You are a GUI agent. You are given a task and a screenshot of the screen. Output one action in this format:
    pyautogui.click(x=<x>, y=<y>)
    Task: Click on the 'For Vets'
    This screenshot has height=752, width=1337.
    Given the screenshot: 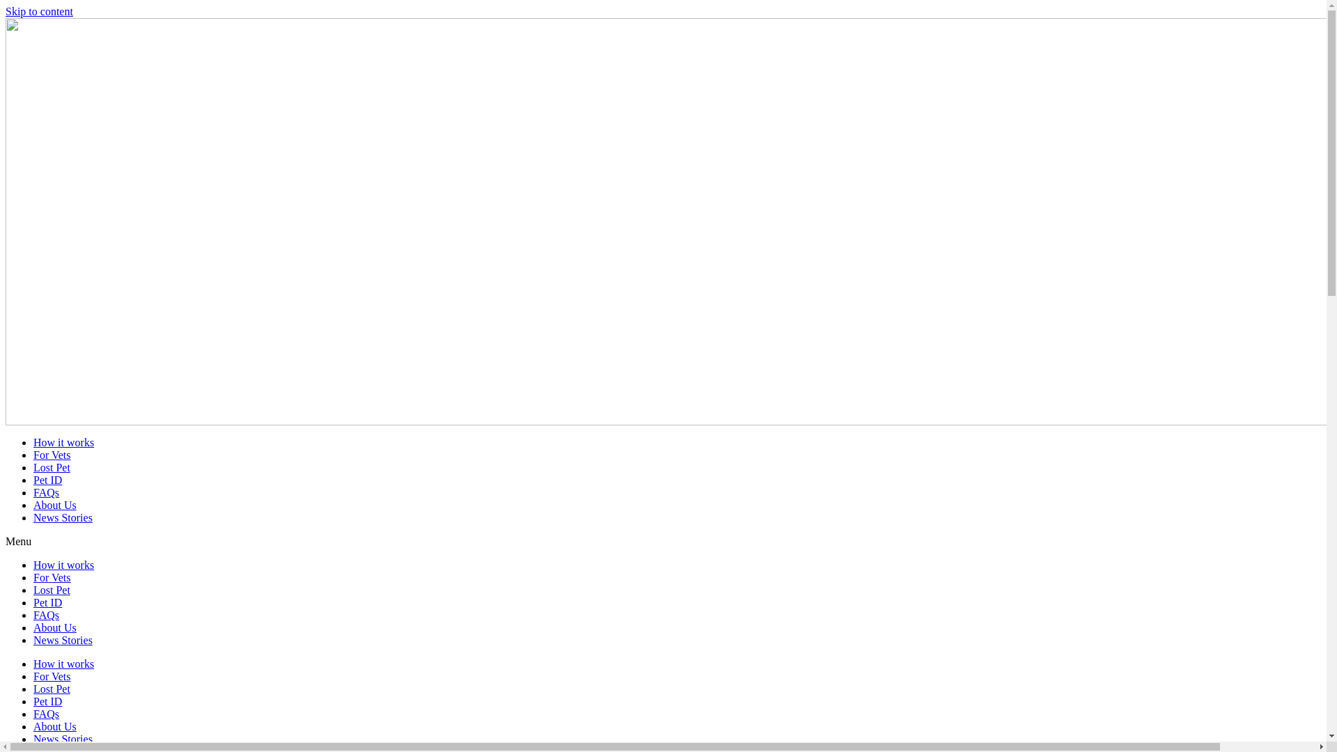 What is the action you would take?
    pyautogui.click(x=52, y=577)
    